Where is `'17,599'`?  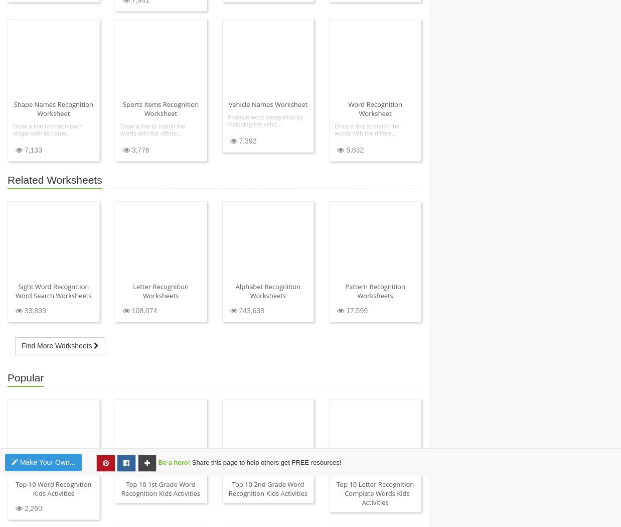
'17,599' is located at coordinates (355, 310).